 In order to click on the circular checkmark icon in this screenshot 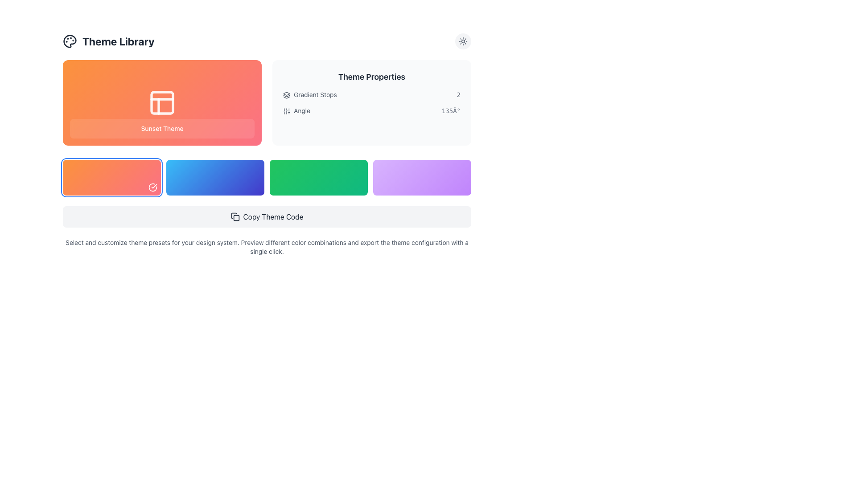, I will do `click(152, 187)`.